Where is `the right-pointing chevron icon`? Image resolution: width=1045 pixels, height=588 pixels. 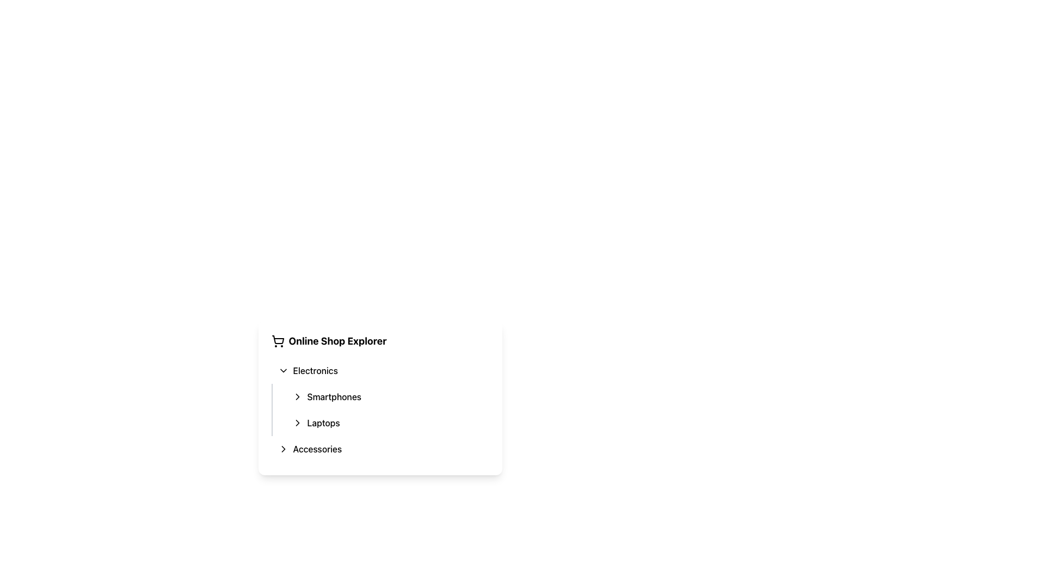 the right-pointing chevron icon is located at coordinates (297, 422).